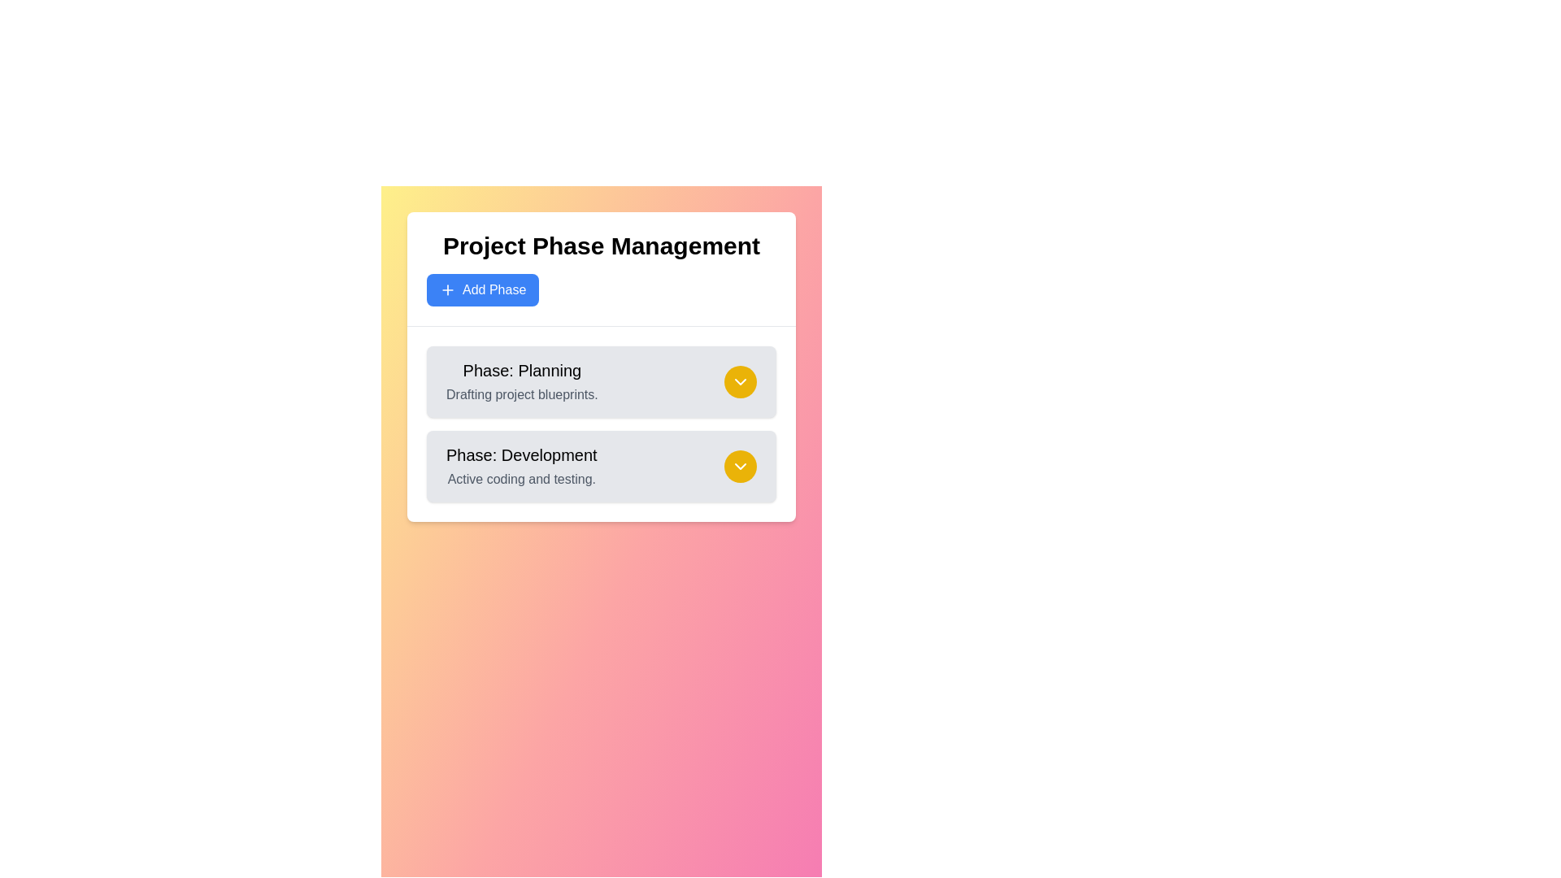 The width and height of the screenshot is (1561, 878). What do you see at coordinates (448, 289) in the screenshot?
I see `the plus-shaped icon within the 'Add Phase' blue button` at bounding box center [448, 289].